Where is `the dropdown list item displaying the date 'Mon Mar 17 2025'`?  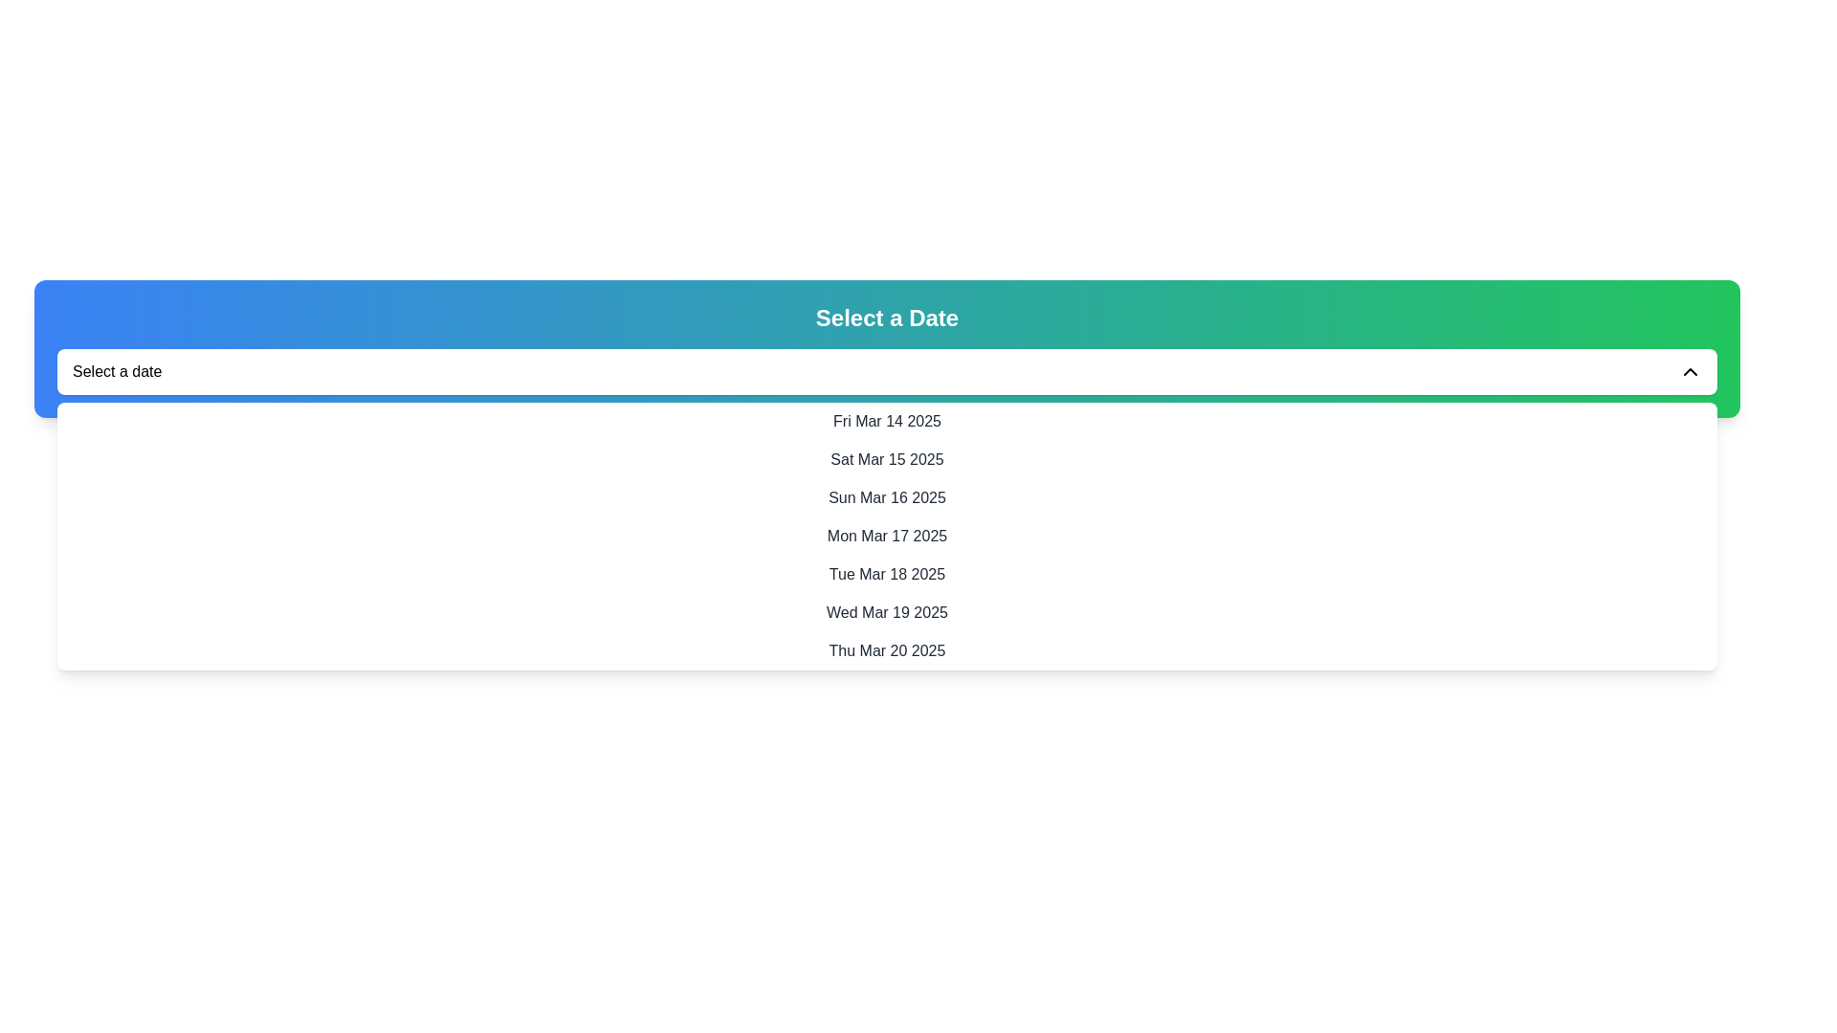
the dropdown list item displaying the date 'Mon Mar 17 2025' is located at coordinates (886, 536).